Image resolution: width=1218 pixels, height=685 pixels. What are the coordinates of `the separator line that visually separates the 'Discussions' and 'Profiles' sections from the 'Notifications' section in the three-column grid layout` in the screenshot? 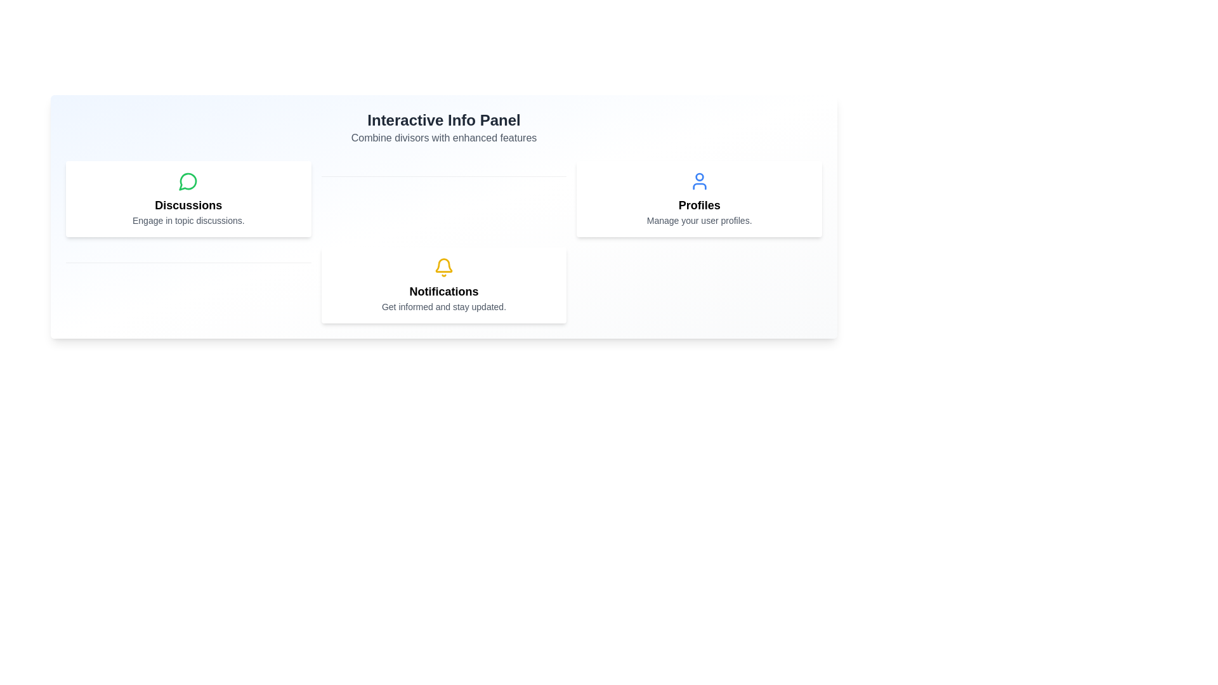 It's located at (444, 199).